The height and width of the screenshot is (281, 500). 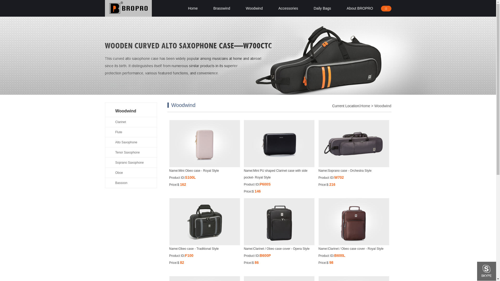 What do you see at coordinates (130, 132) in the screenshot?
I see `'Flute'` at bounding box center [130, 132].